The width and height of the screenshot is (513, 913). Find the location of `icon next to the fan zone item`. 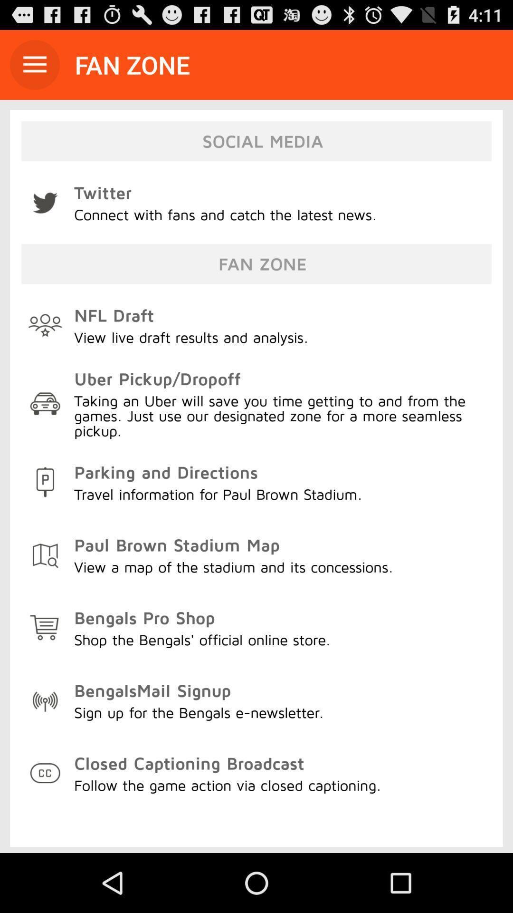

icon next to the fan zone item is located at coordinates (34, 64).